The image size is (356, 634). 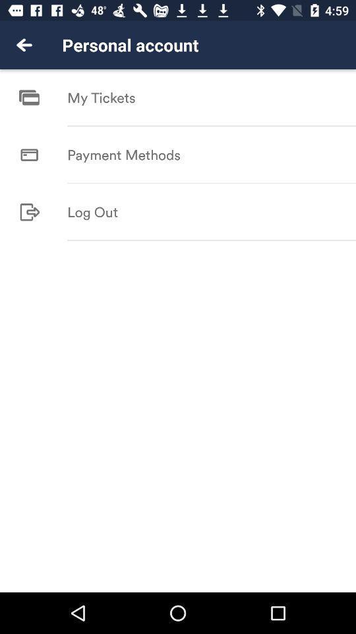 I want to click on the icon below personal account, so click(x=100, y=97).